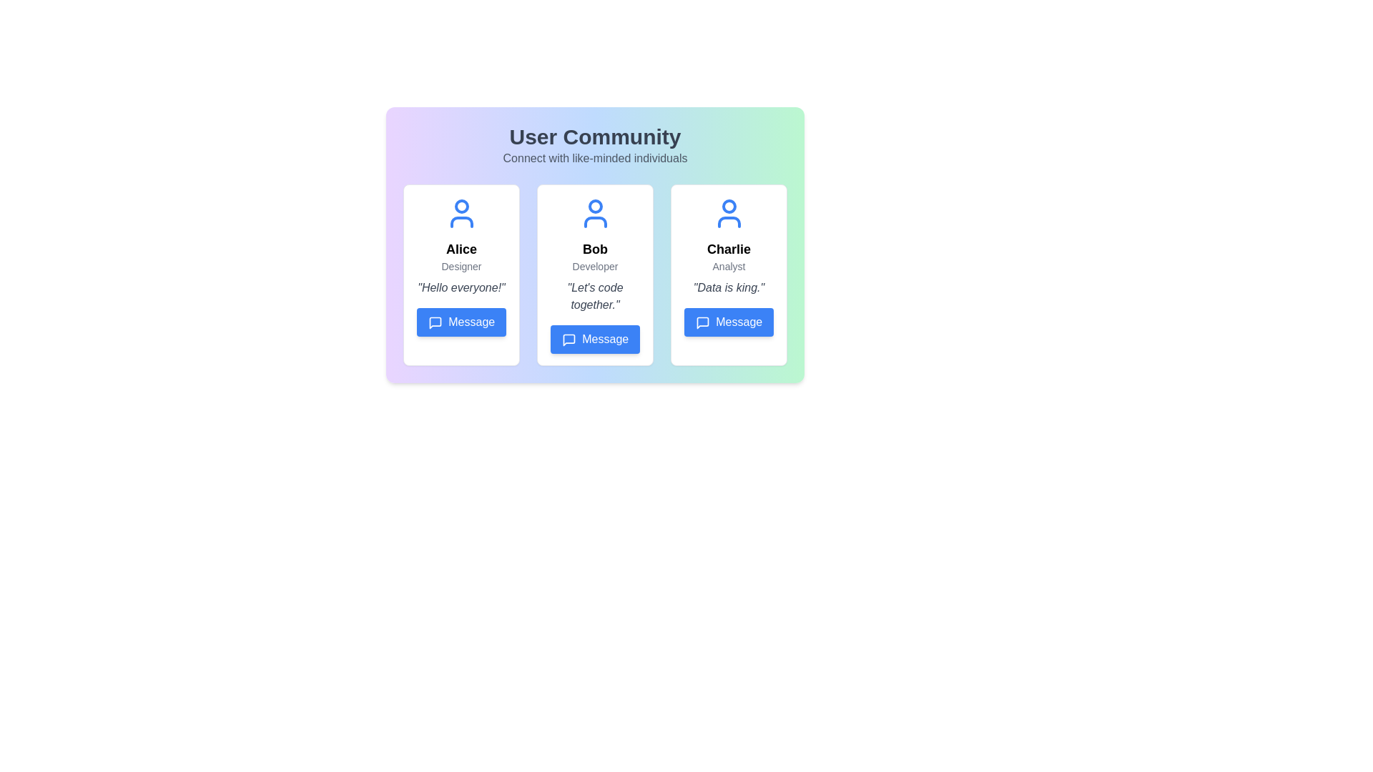  Describe the element at coordinates (461, 248) in the screenshot. I see `the user name text displayed in the first user card, located below the user icon and above the role text 'Designer'` at that location.